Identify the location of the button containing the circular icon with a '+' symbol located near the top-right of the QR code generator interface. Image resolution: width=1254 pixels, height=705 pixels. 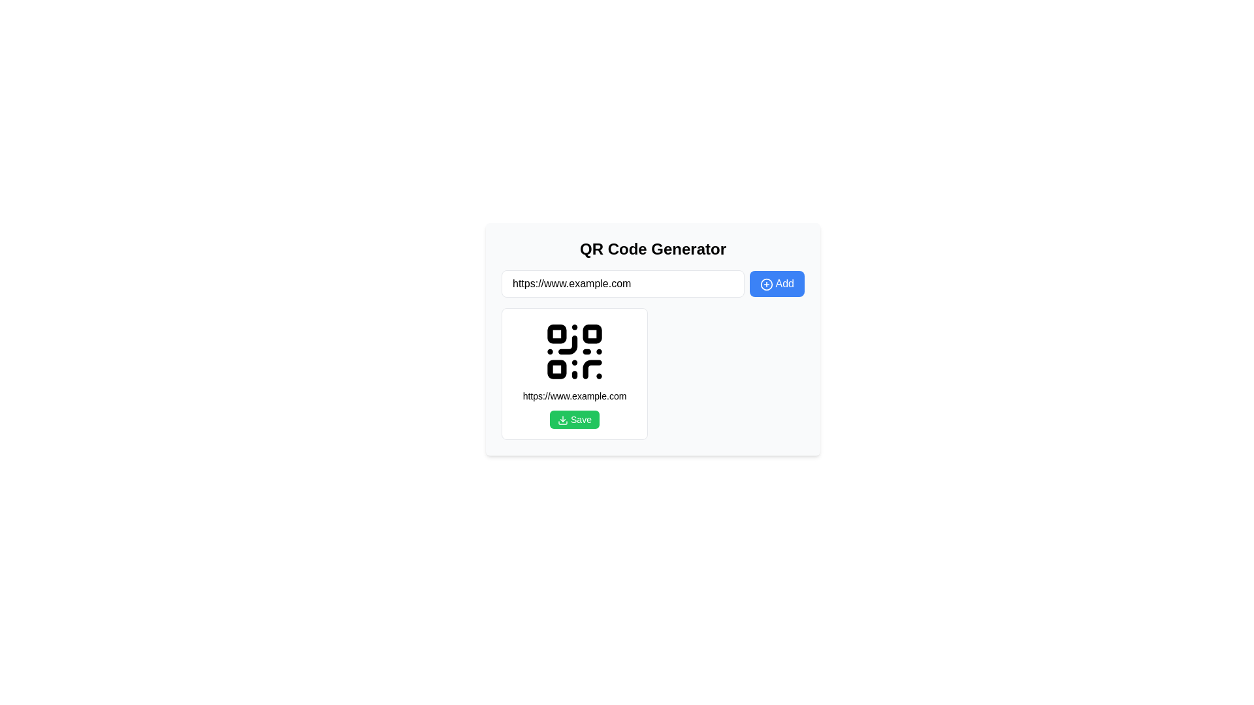
(766, 283).